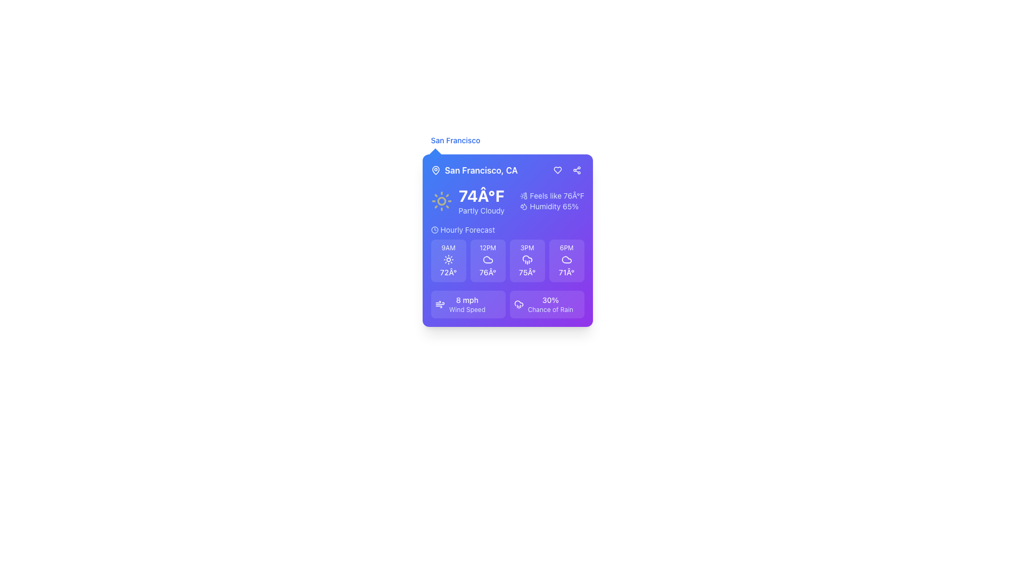 This screenshot has height=575, width=1022. What do you see at coordinates (527, 272) in the screenshot?
I see `the text label displaying '75Â°' that is bold and located within the small rectangular card under the '3PM' section of the 'Hourly Forecast'` at bounding box center [527, 272].